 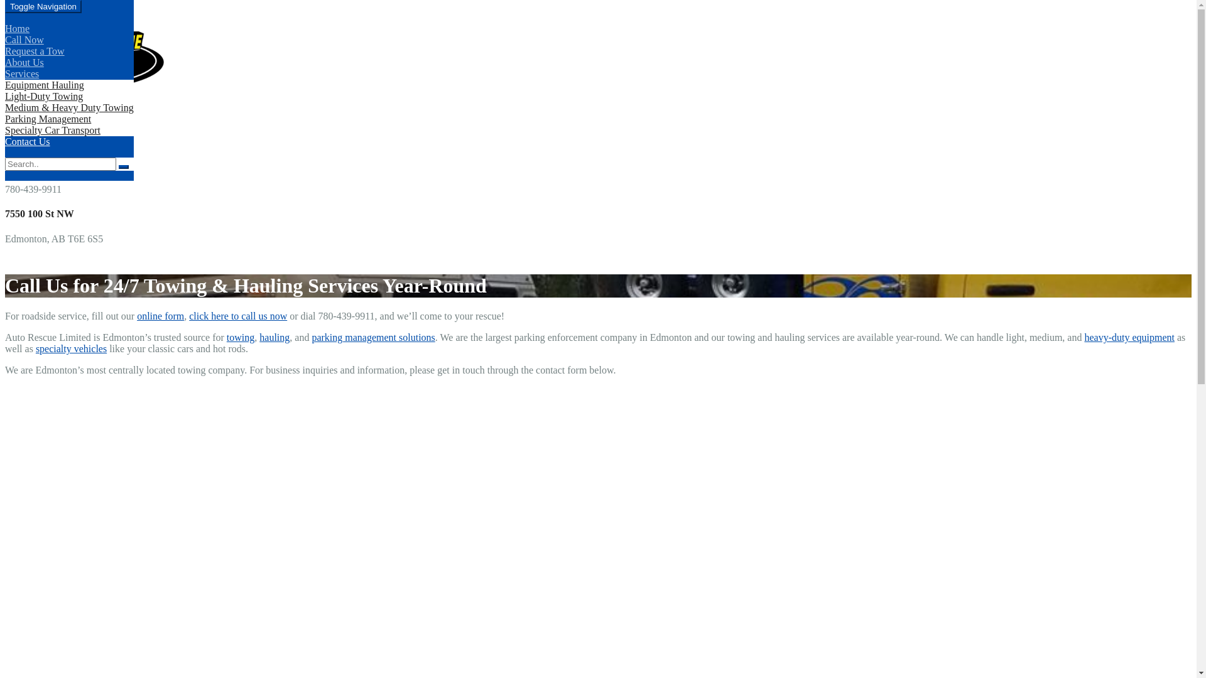 I want to click on 'heavy-duty equipment', so click(x=1129, y=336).